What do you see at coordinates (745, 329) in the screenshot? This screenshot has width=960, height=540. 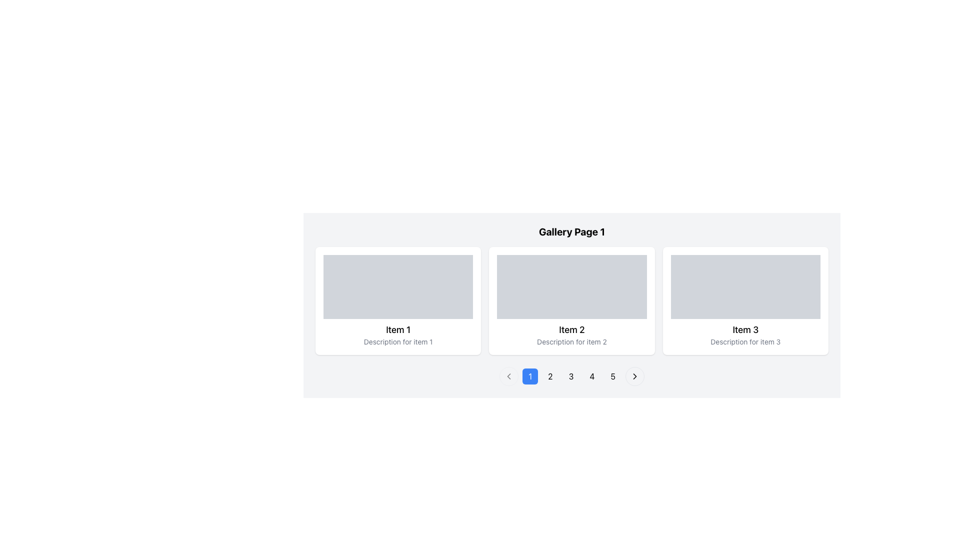 I see `the bold text element reading 'Item 3', which is styled with a medium font weight and located within a card layout above a smaller description text` at bounding box center [745, 329].